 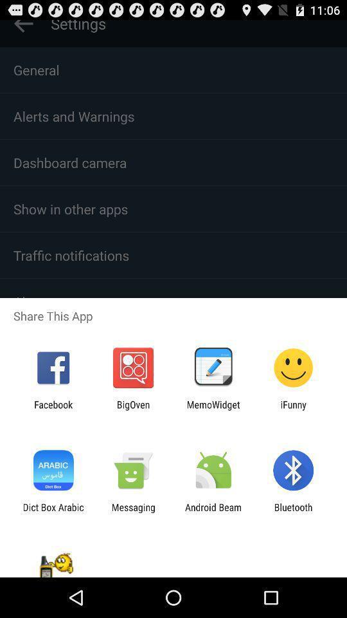 I want to click on the icon to the right of the messaging item, so click(x=213, y=512).